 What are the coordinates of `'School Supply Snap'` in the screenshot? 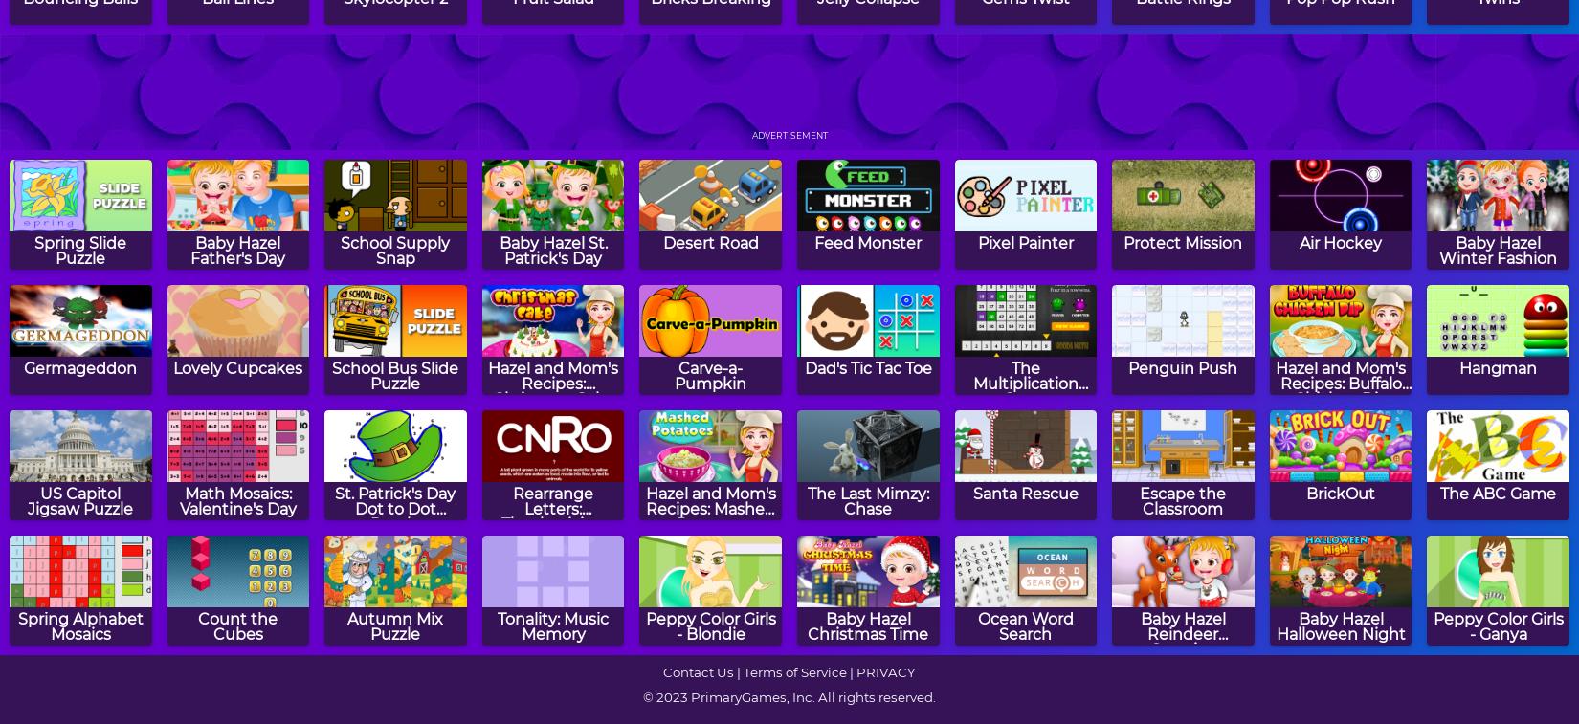 It's located at (394, 249).